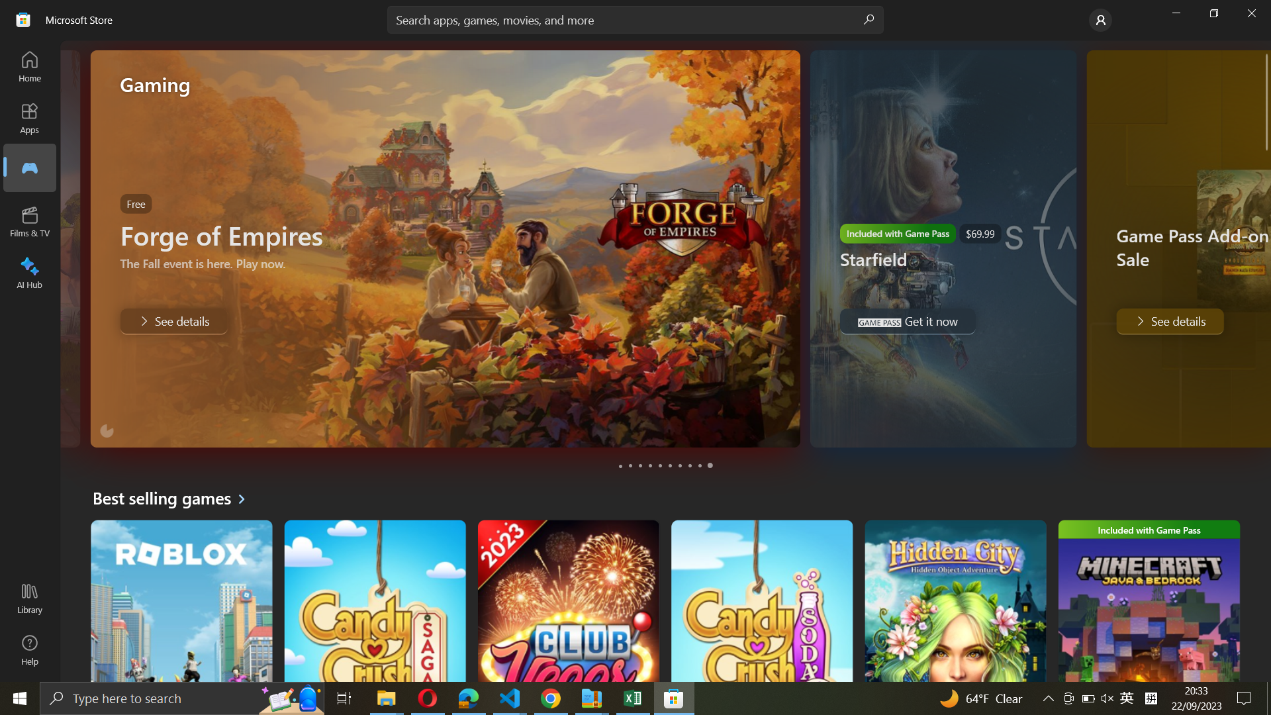 The image size is (1271, 715). I want to click on Retrieve top performing games, so click(173, 498).